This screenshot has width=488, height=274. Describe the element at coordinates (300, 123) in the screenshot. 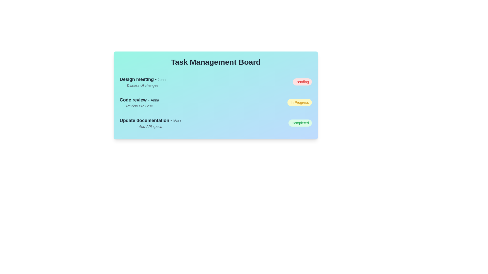

I see `the task status indicator for Update documentation to toggle its state` at that location.